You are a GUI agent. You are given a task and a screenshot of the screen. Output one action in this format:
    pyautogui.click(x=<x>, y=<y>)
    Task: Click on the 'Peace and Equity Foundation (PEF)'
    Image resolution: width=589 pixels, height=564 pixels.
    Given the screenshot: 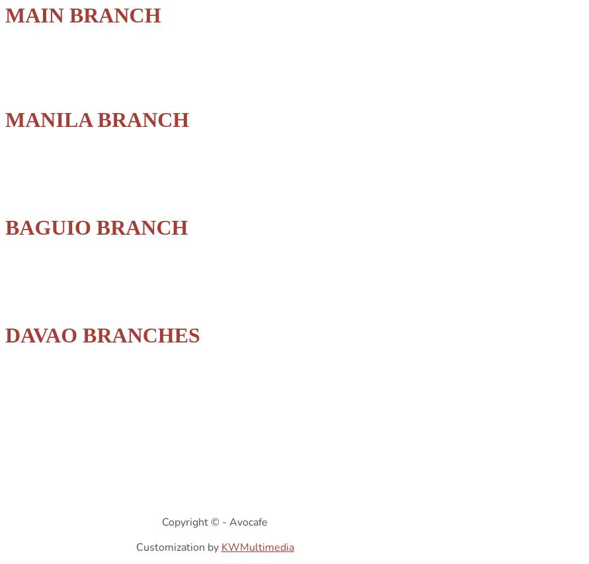 What is the action you would take?
    pyautogui.click(x=73, y=368)
    